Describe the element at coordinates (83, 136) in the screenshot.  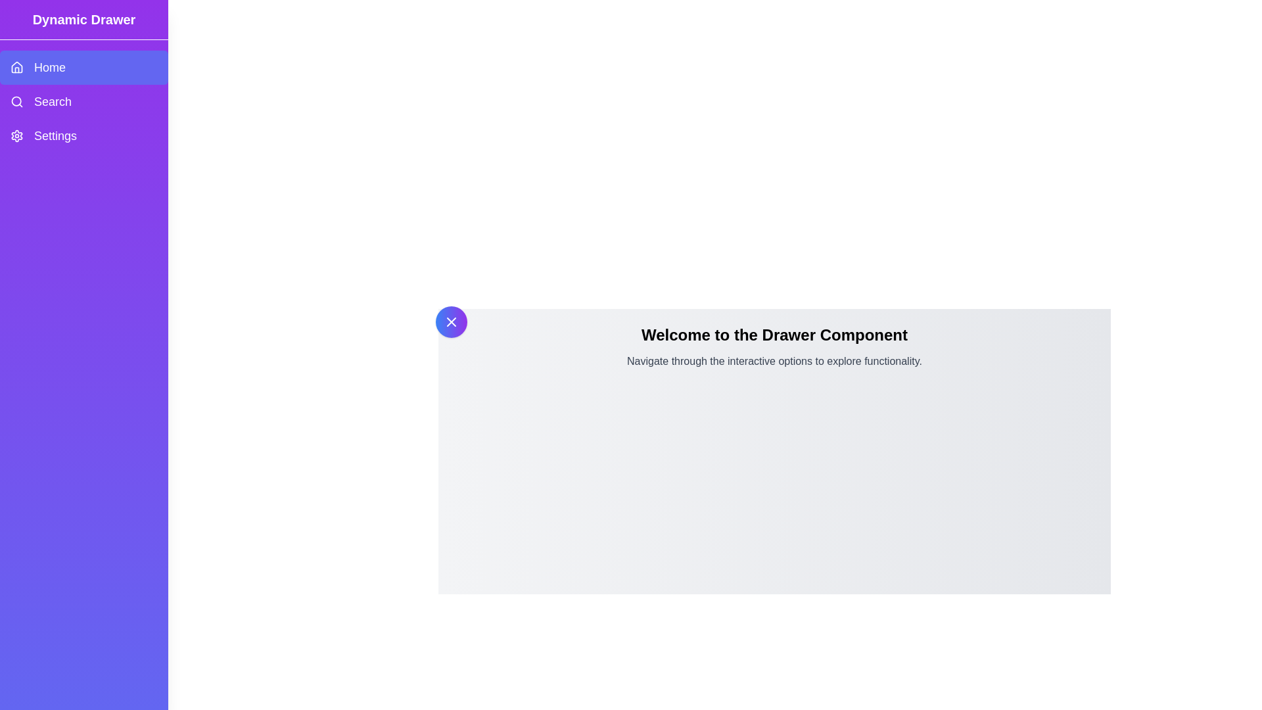
I see `the Settings from the drawer menu` at that location.